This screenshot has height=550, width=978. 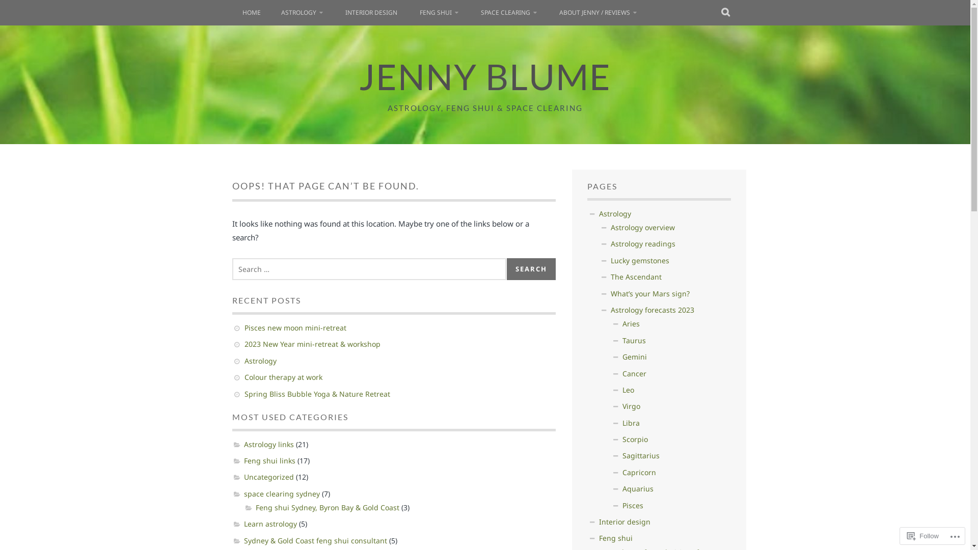 What do you see at coordinates (630, 423) in the screenshot?
I see `'Libra'` at bounding box center [630, 423].